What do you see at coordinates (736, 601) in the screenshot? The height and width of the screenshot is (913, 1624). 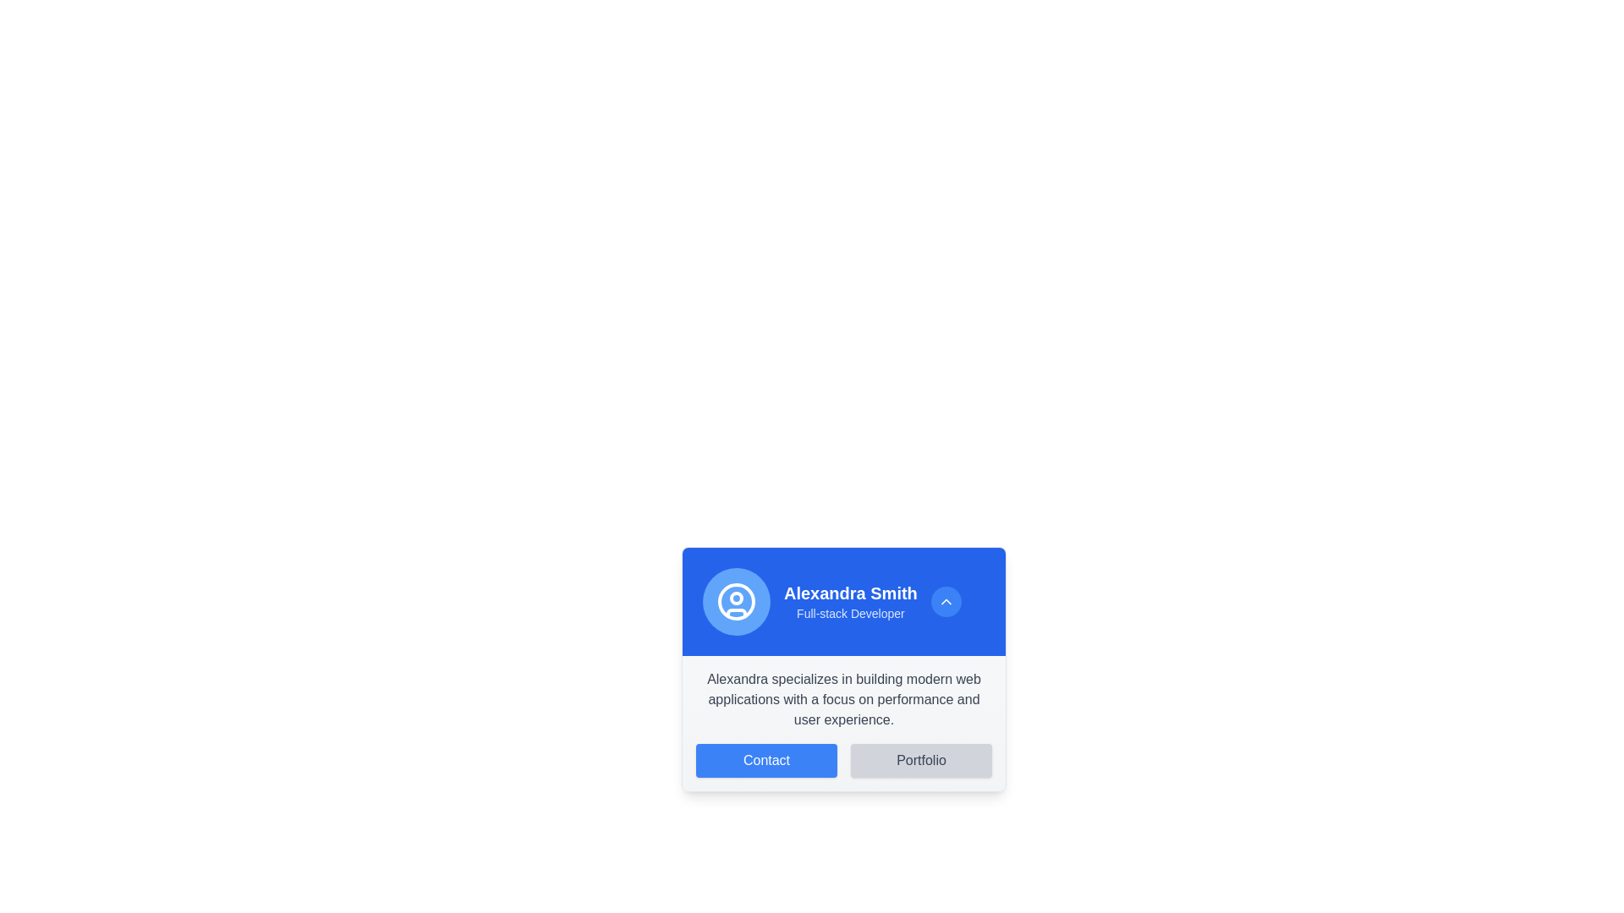 I see `the Profile Icon, which is a circular icon with a user profile outline in white on a blue background, located at the top-left of its card-like UI component` at bounding box center [736, 601].